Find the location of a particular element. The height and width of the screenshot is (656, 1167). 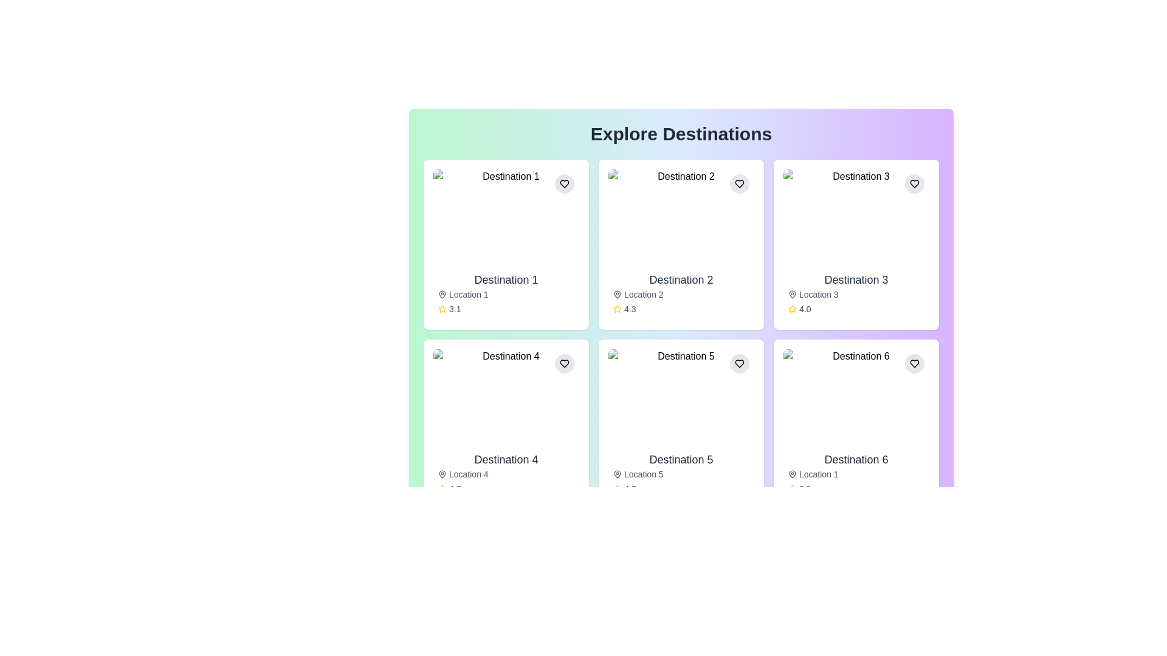

the circular button with a heart icon located is located at coordinates (915, 363).